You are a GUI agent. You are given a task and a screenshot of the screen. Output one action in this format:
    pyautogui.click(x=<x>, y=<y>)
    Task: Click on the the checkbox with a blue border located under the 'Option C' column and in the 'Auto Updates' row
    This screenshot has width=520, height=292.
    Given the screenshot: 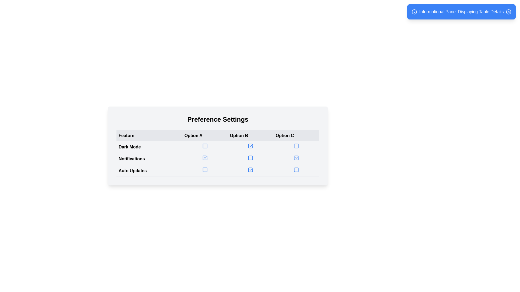 What is the action you would take?
    pyautogui.click(x=296, y=170)
    